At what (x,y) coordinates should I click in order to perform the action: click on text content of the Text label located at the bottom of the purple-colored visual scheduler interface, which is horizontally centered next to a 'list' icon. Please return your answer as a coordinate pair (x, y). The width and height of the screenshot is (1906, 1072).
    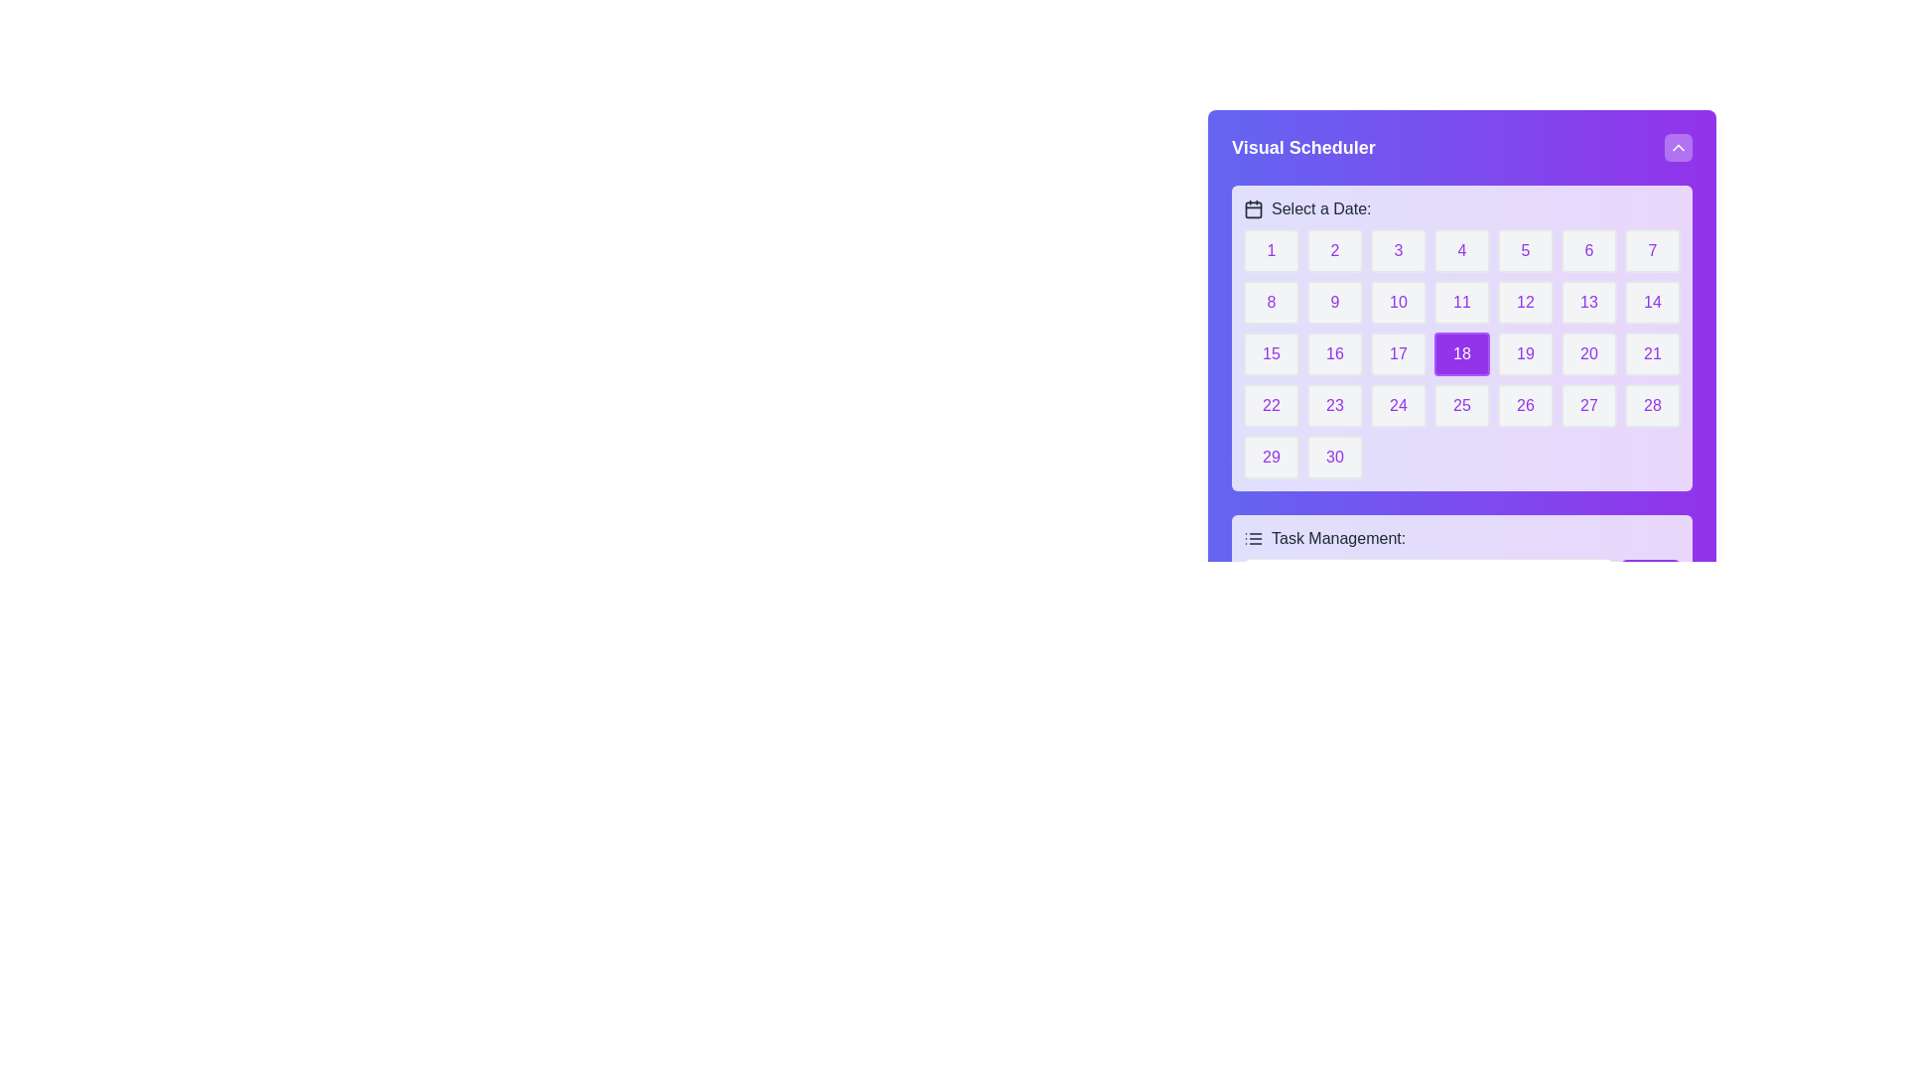
    Looking at the image, I should click on (1338, 539).